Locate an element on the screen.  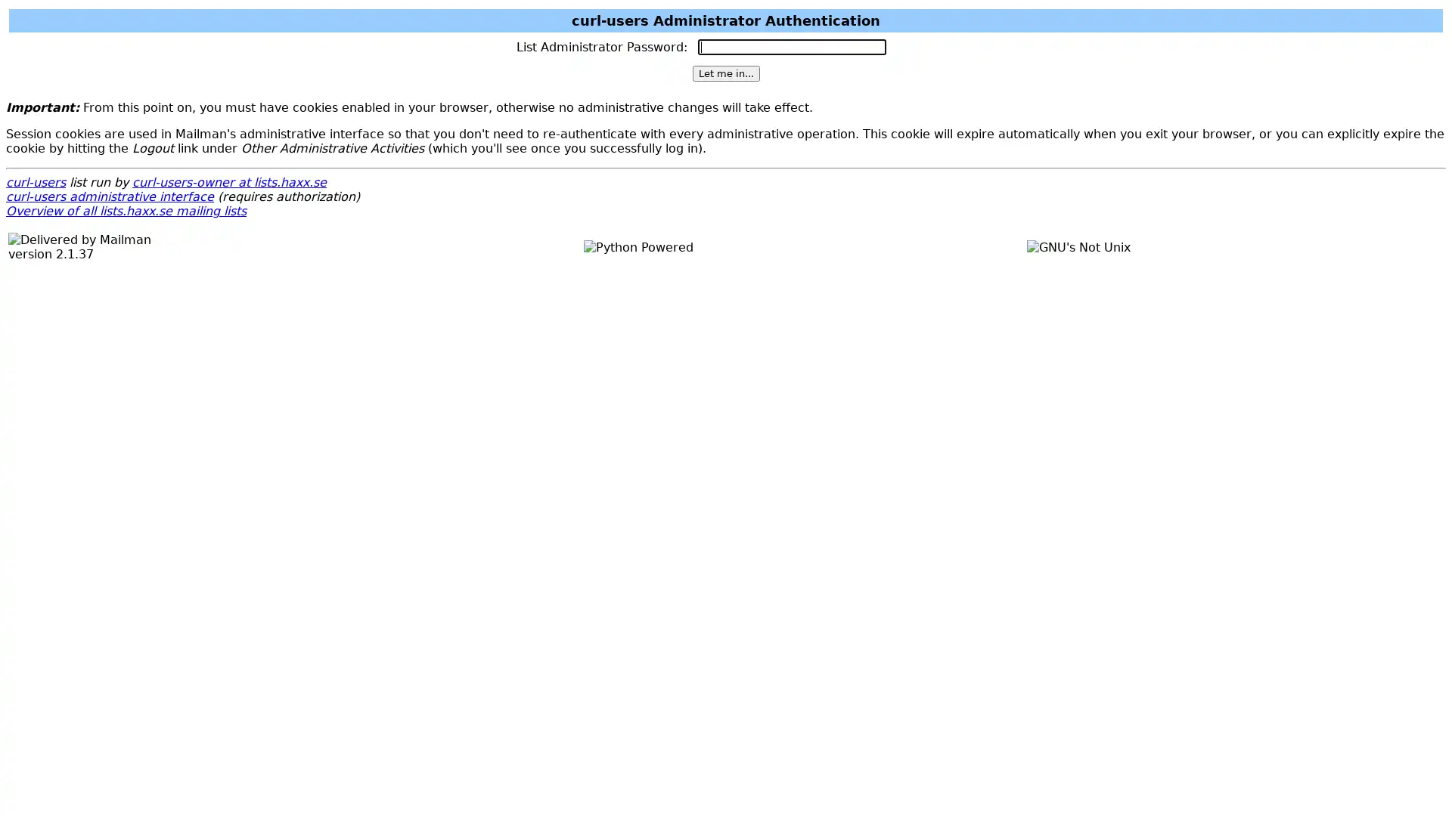
Let me in... is located at coordinates (724, 73).